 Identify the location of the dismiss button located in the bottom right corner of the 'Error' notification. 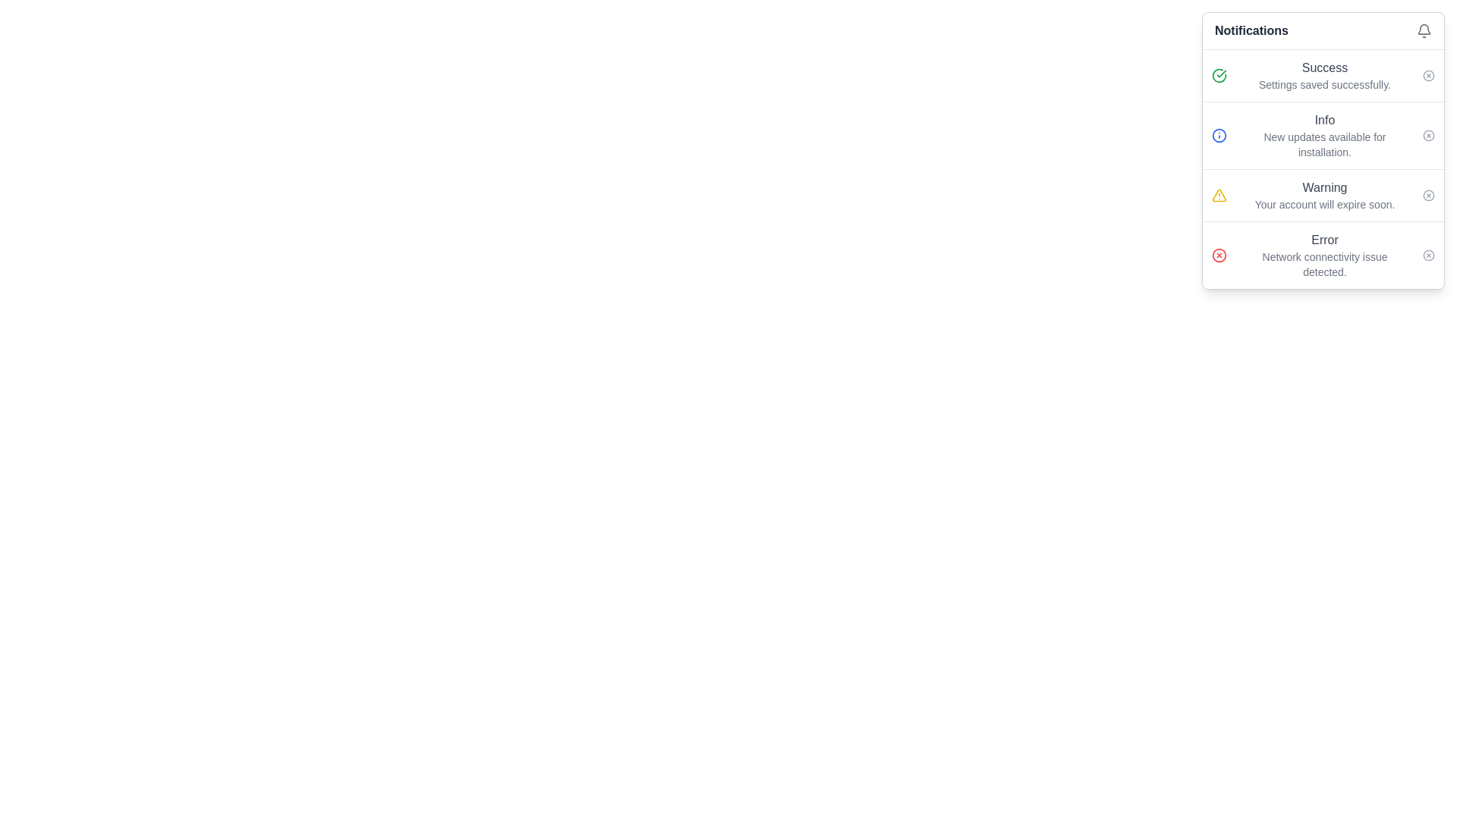
(1427, 254).